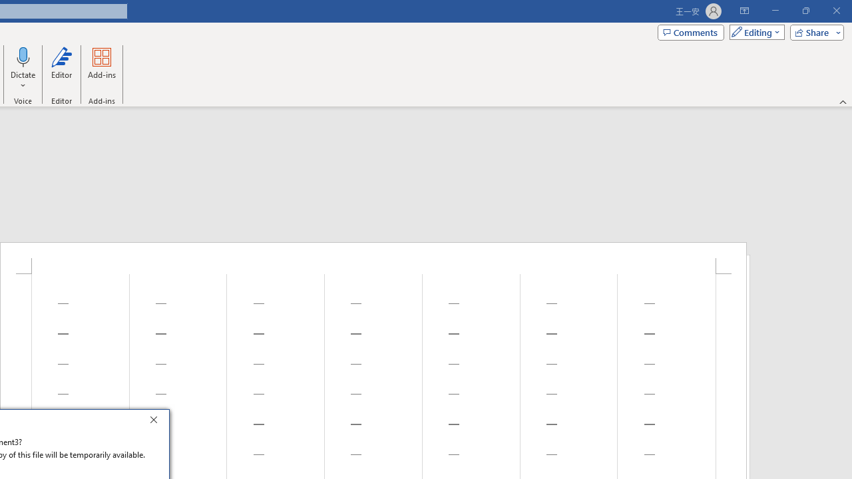 This screenshot has width=852, height=479. I want to click on 'Restore Down', so click(805, 11).